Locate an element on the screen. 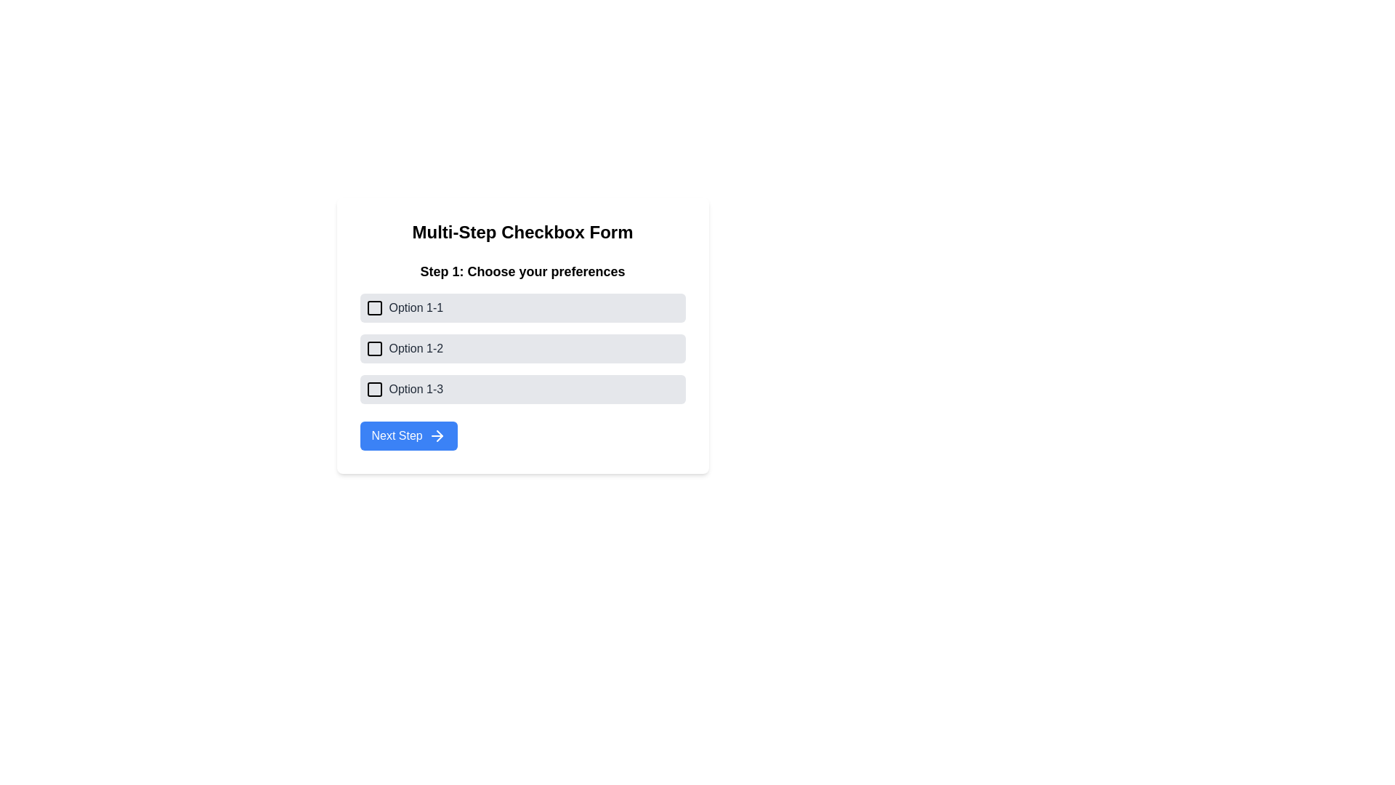 This screenshot has width=1395, height=785. the checkbox list item for 'Option 1-2' is located at coordinates (522, 348).